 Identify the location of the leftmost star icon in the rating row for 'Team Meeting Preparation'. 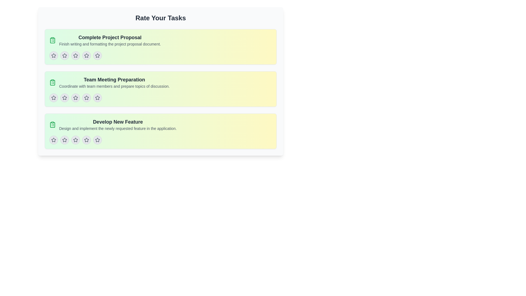
(54, 98).